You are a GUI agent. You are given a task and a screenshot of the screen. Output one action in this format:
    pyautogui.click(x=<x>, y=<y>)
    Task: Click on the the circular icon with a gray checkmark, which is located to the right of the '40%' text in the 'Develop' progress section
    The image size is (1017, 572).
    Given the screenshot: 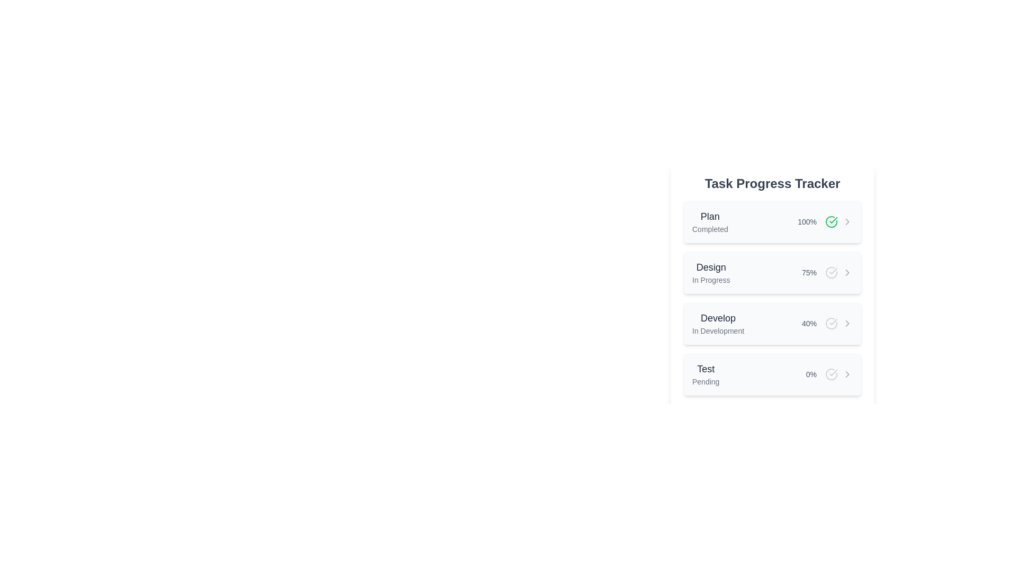 What is the action you would take?
    pyautogui.click(x=831, y=323)
    